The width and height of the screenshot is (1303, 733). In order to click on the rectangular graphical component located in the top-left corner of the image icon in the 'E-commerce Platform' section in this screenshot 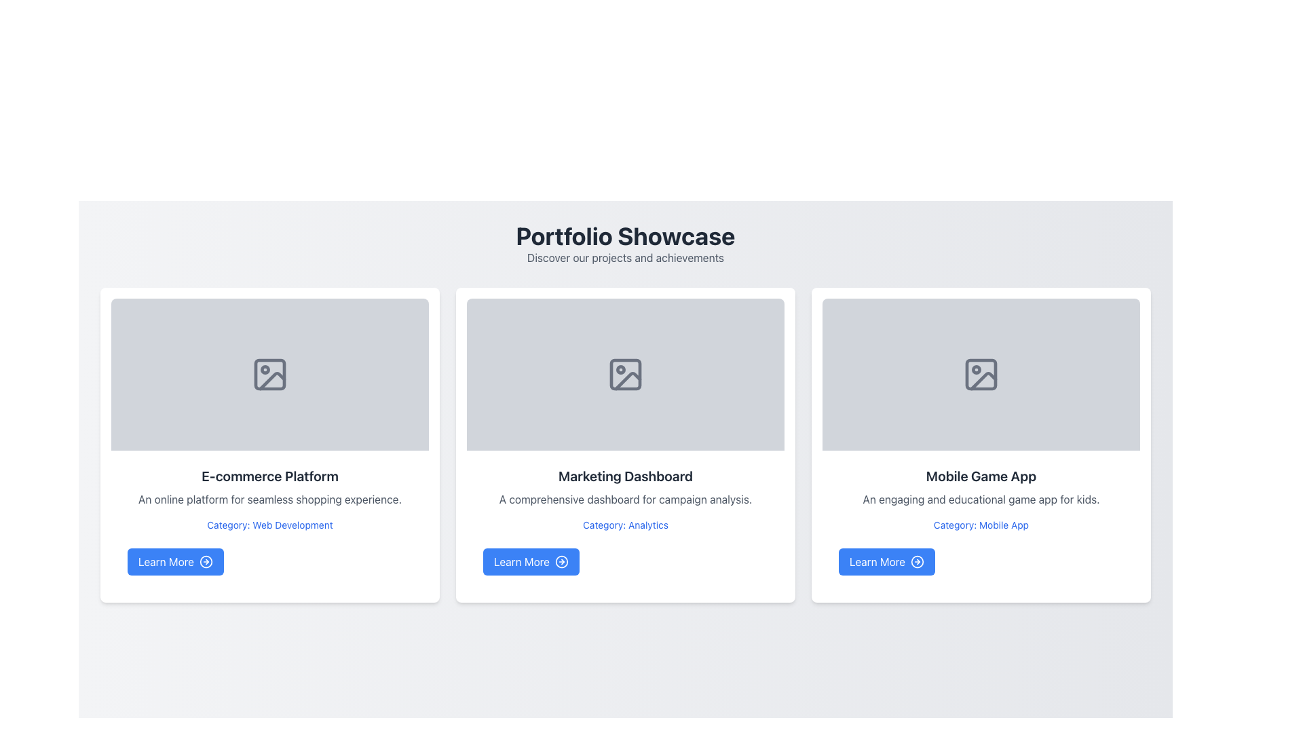, I will do `click(270, 374)`.